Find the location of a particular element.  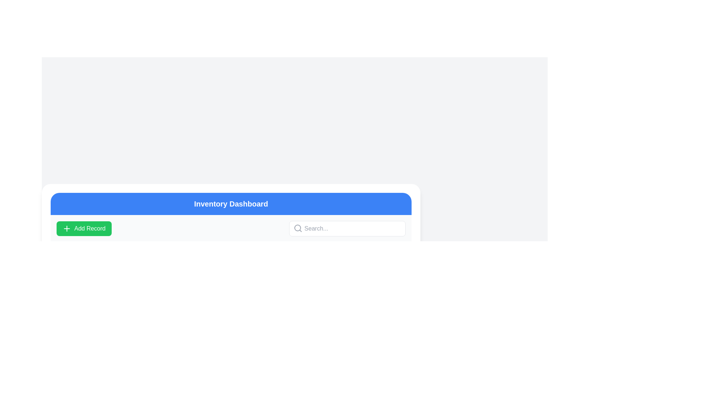

the decorative search icon located inside the input field to the left of the text box designated for search purposes is located at coordinates (298, 228).